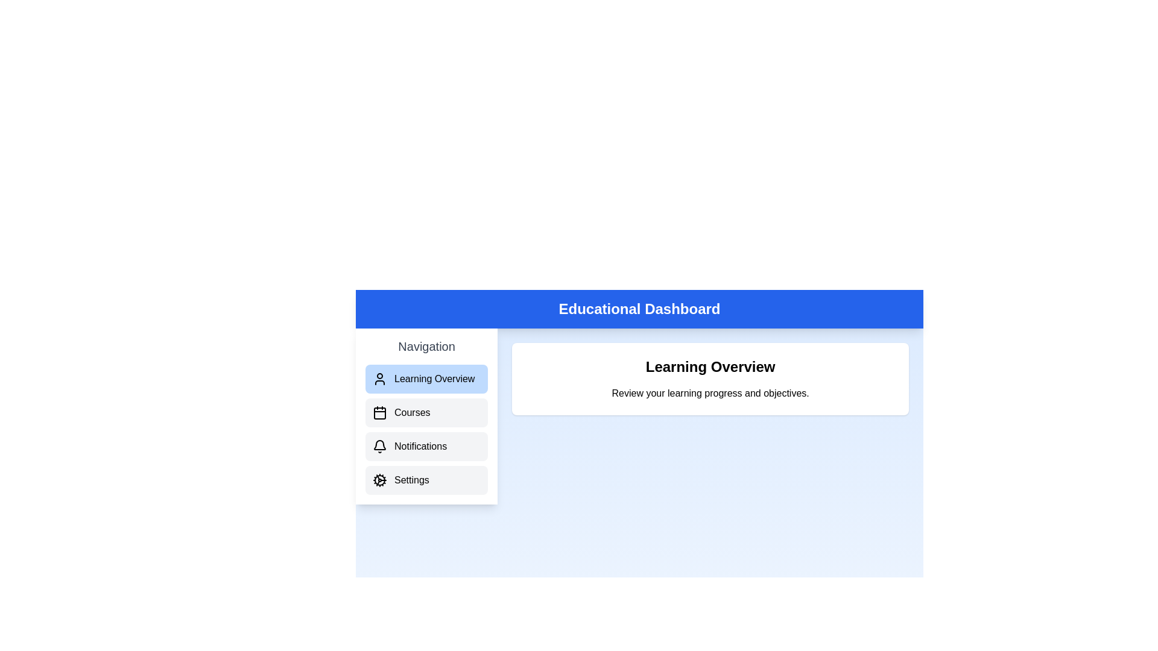  Describe the element at coordinates (426, 480) in the screenshot. I see `the sidebar option Settings to observe its hover effect` at that location.